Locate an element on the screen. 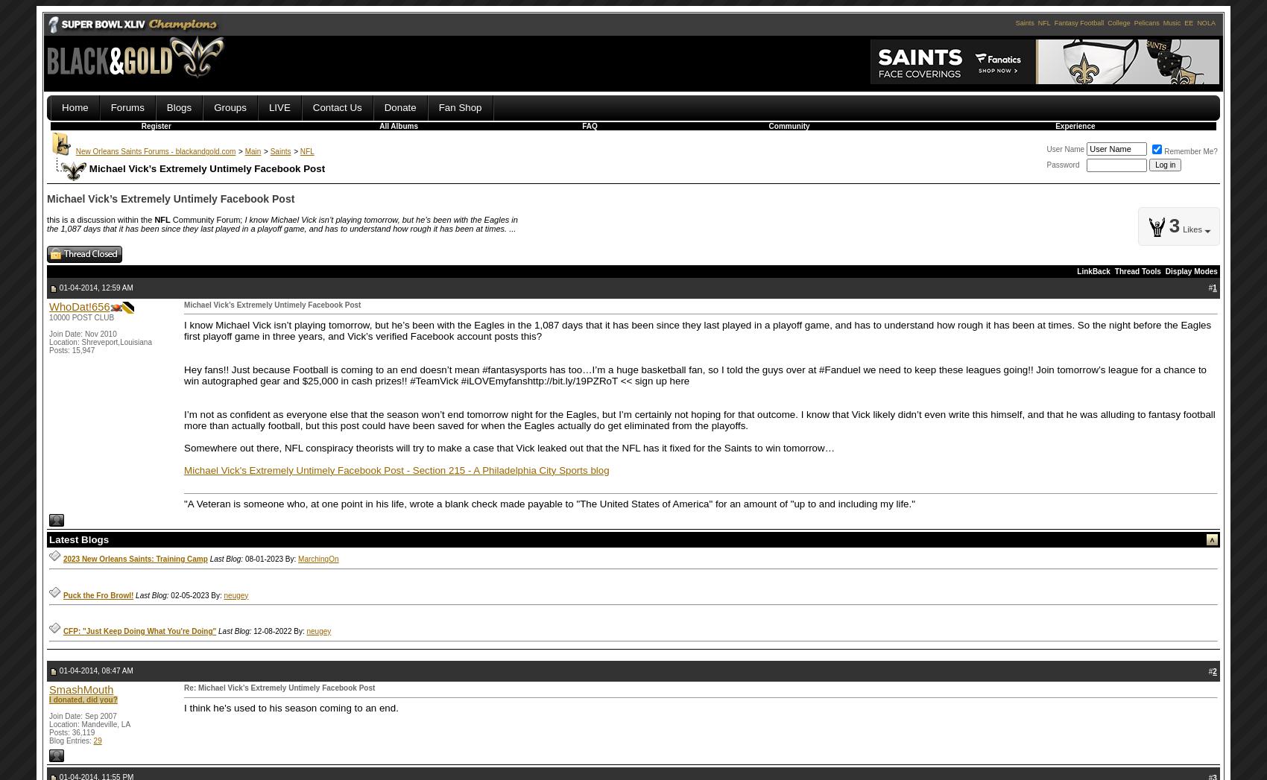  'Fan Shop' is located at coordinates (458, 107).